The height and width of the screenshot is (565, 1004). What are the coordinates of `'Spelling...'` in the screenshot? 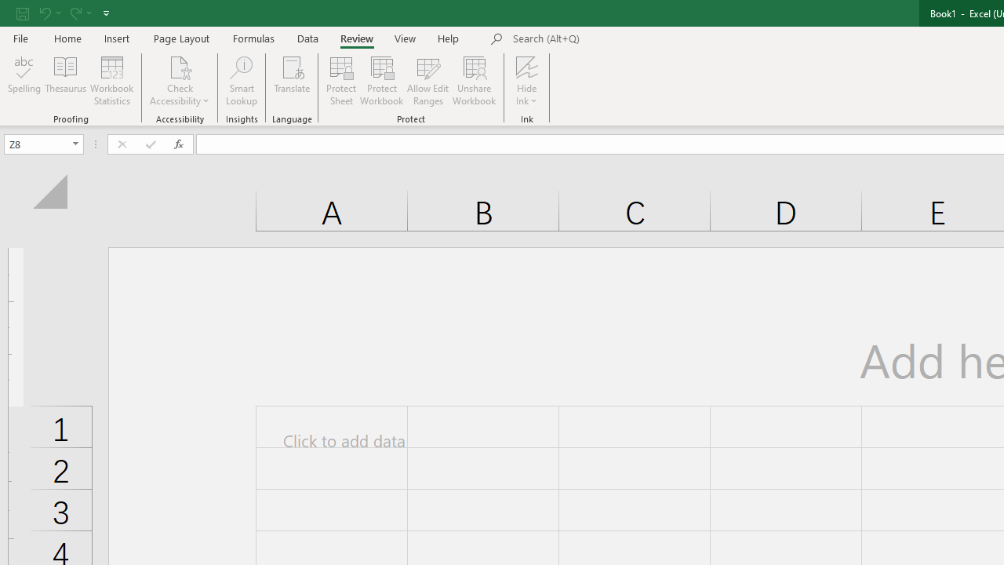 It's located at (24, 81).